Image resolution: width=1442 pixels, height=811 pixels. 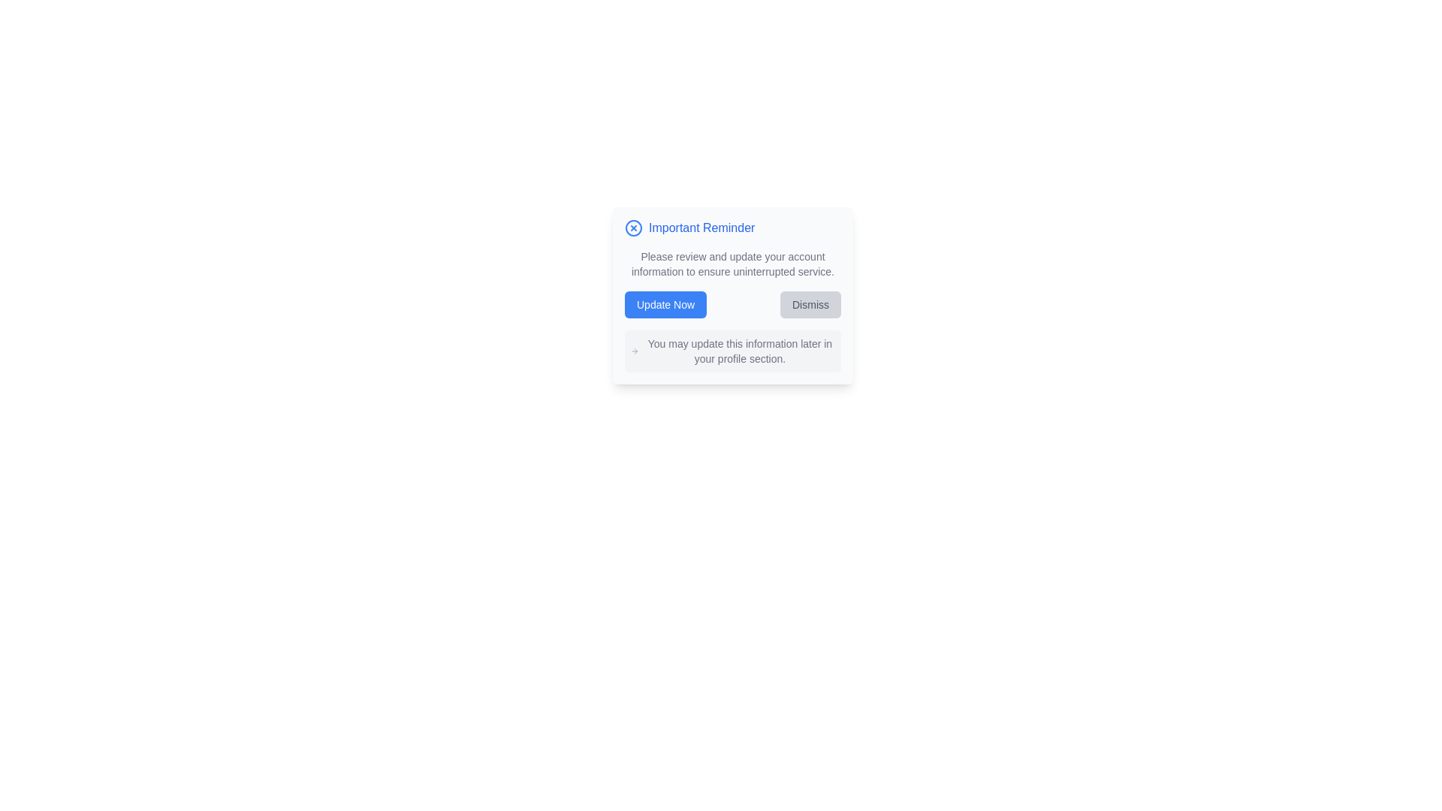 What do you see at coordinates (634, 228) in the screenshot?
I see `the circle element that serves as a status indicator within a notification icon located near the top-left corner of the modal dialog box` at bounding box center [634, 228].